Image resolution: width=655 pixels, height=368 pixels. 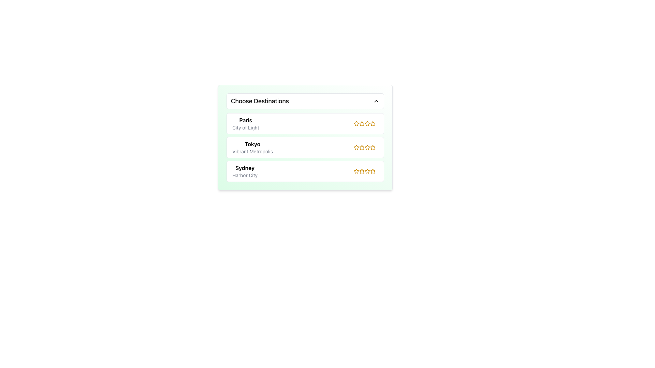 I want to click on the second star icon in the rating row for the 'Paris' destination to interact with the rating system, so click(x=367, y=123).